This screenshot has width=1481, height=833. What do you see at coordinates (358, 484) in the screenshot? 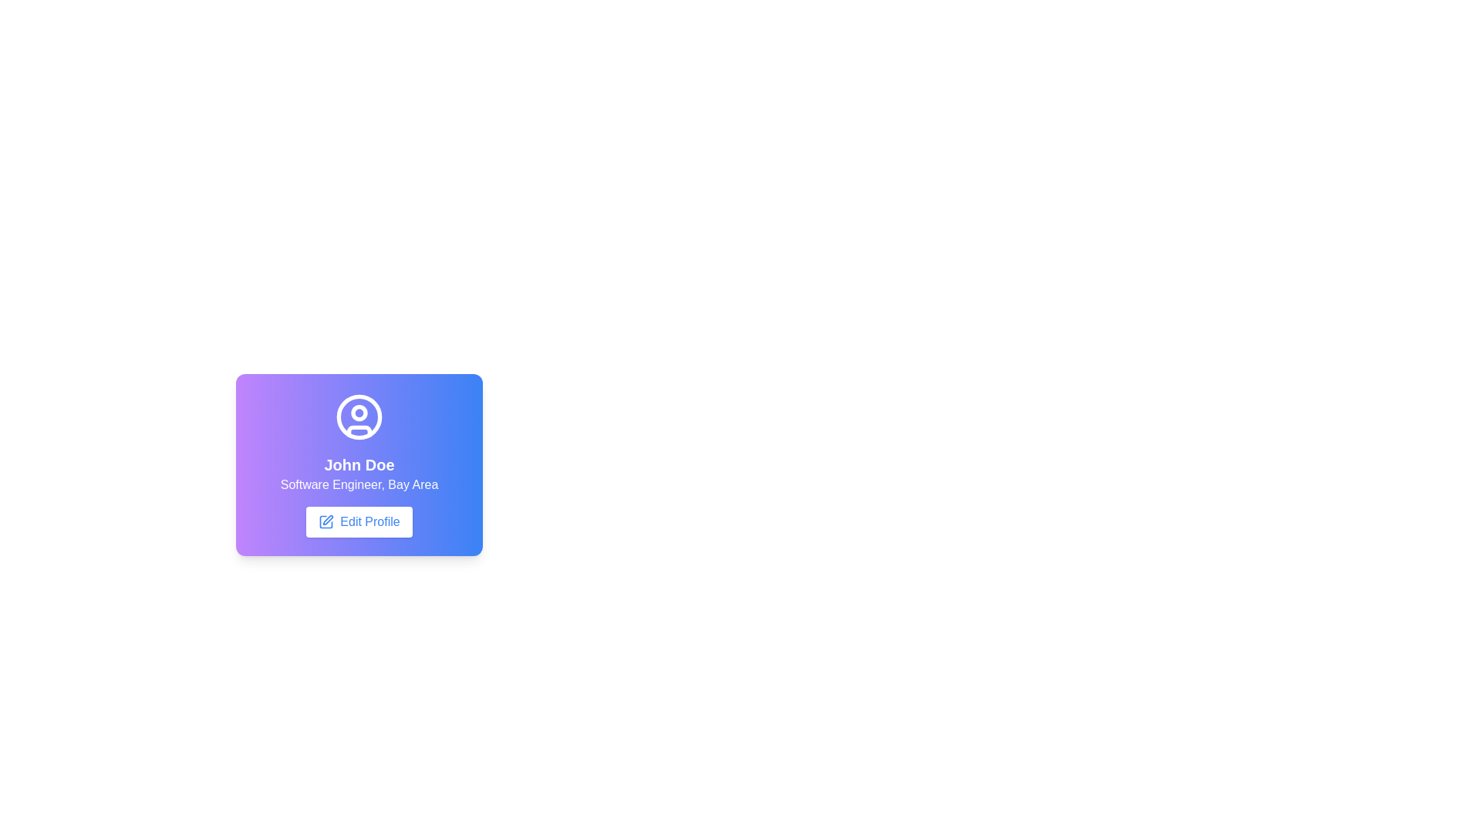
I see `the static text component that reads 'Software Engineer, Bay Area', which is displayed in a medium-sized white font against a purple-to-blue gradient background, positioned below 'John Doe' and above the 'Edit Profile' button` at bounding box center [358, 484].